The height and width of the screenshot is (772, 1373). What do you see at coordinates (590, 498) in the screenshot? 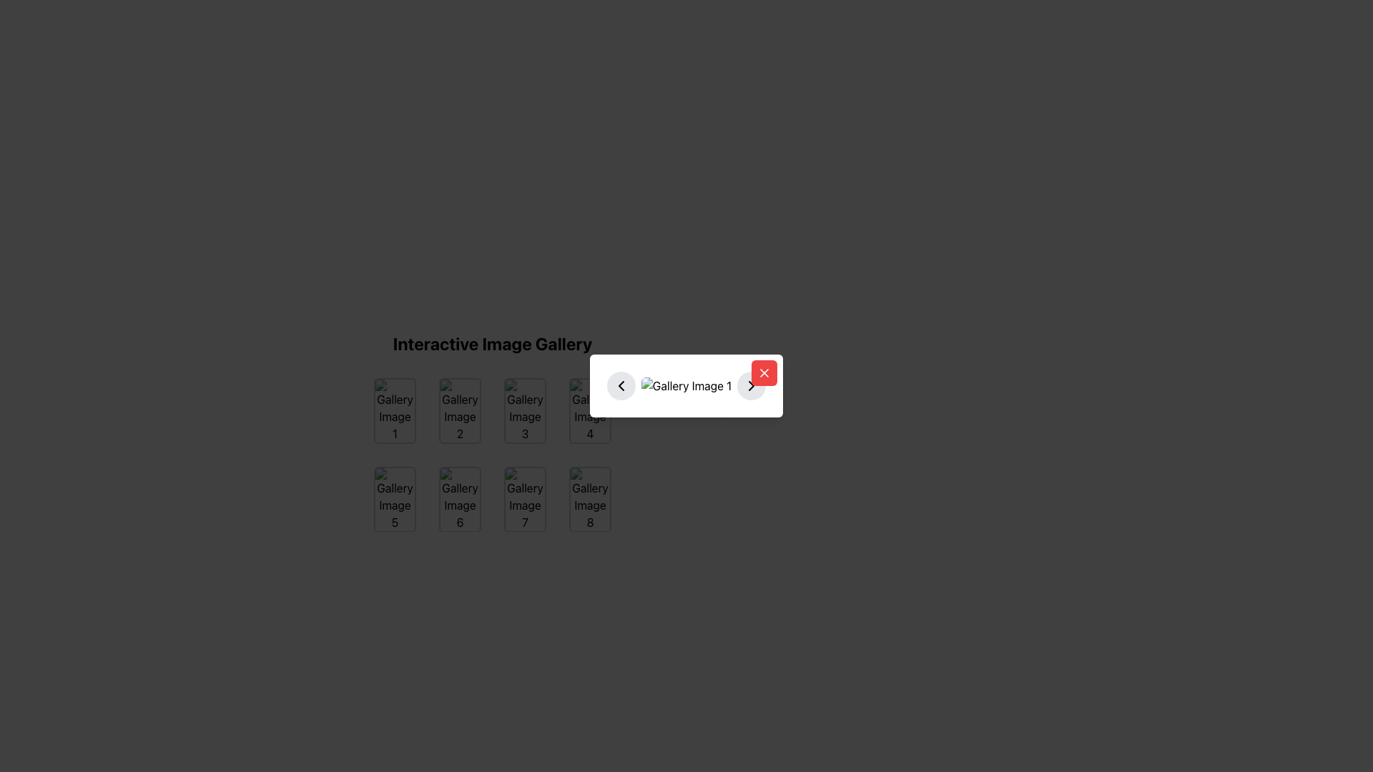
I see `the Image Preview Card displaying 'Gallery Image 8', which is located in the last row and last column of a 4x2 grid layout` at bounding box center [590, 498].